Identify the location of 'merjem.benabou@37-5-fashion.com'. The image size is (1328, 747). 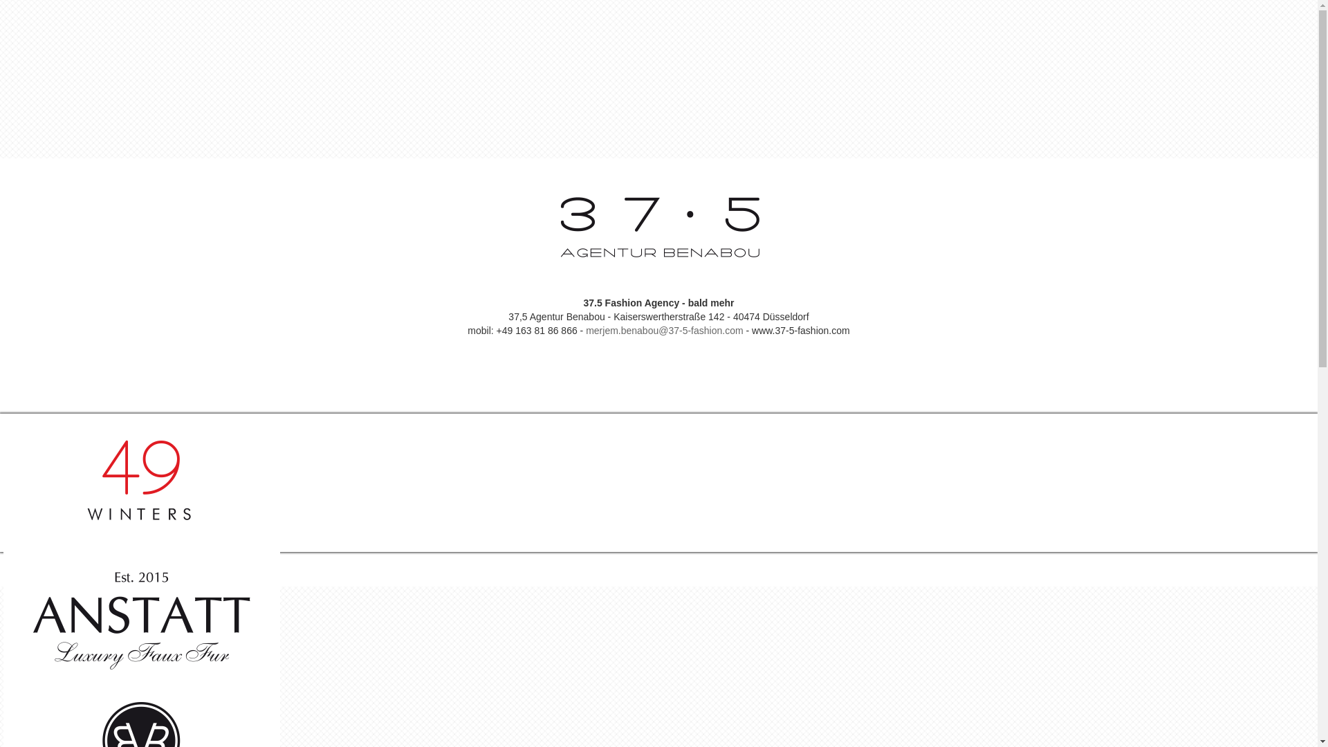
(664, 331).